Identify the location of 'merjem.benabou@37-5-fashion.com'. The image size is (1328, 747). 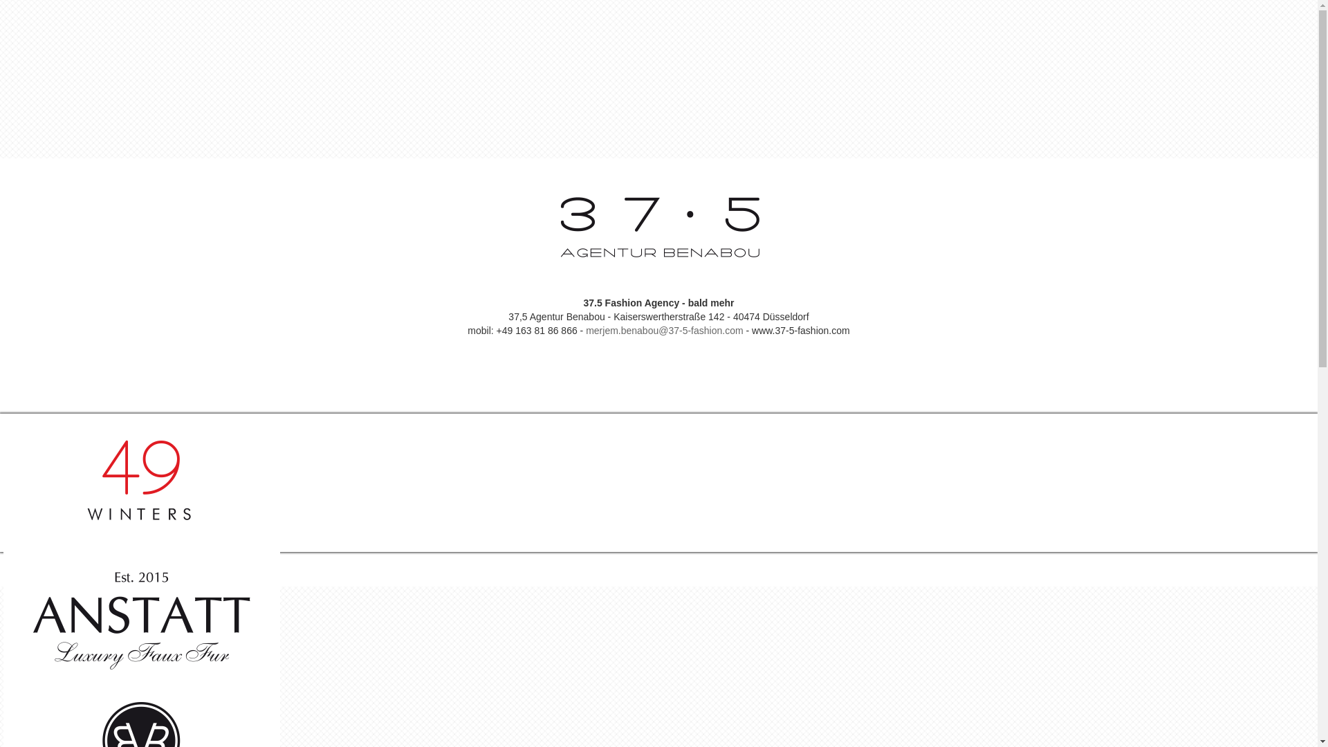
(664, 331).